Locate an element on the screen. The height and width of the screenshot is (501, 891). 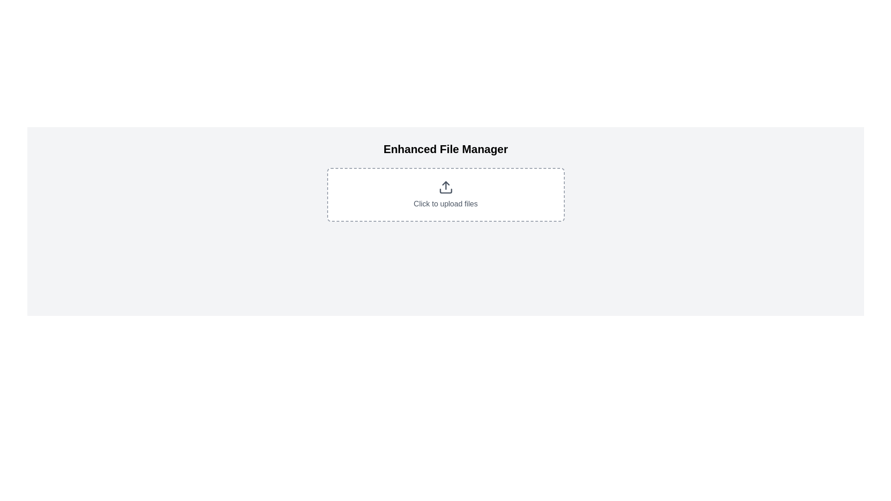
the large, bold header text 'Enhanced File Manager' located at the top center of the page, above the file upload section is located at coordinates (445, 148).